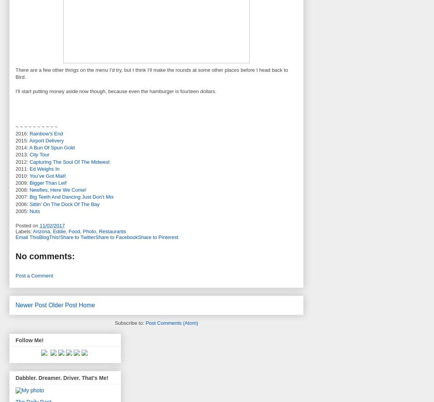 The height and width of the screenshot is (402, 434). I want to click on 'Photo', so click(89, 231).